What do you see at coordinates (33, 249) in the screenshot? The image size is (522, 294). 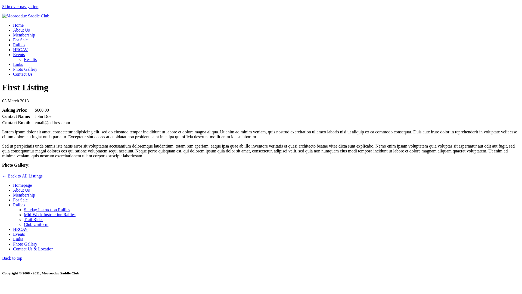 I see `'Contact Us & Location'` at bounding box center [33, 249].